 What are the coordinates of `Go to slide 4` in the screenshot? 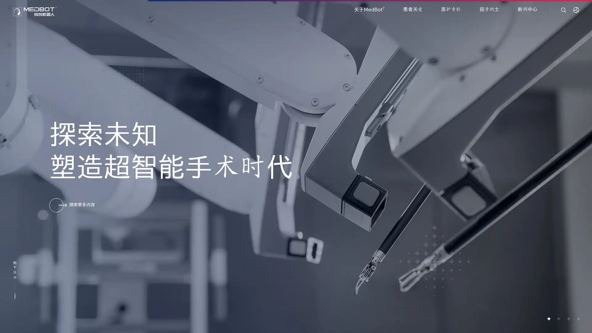 It's located at (578, 319).